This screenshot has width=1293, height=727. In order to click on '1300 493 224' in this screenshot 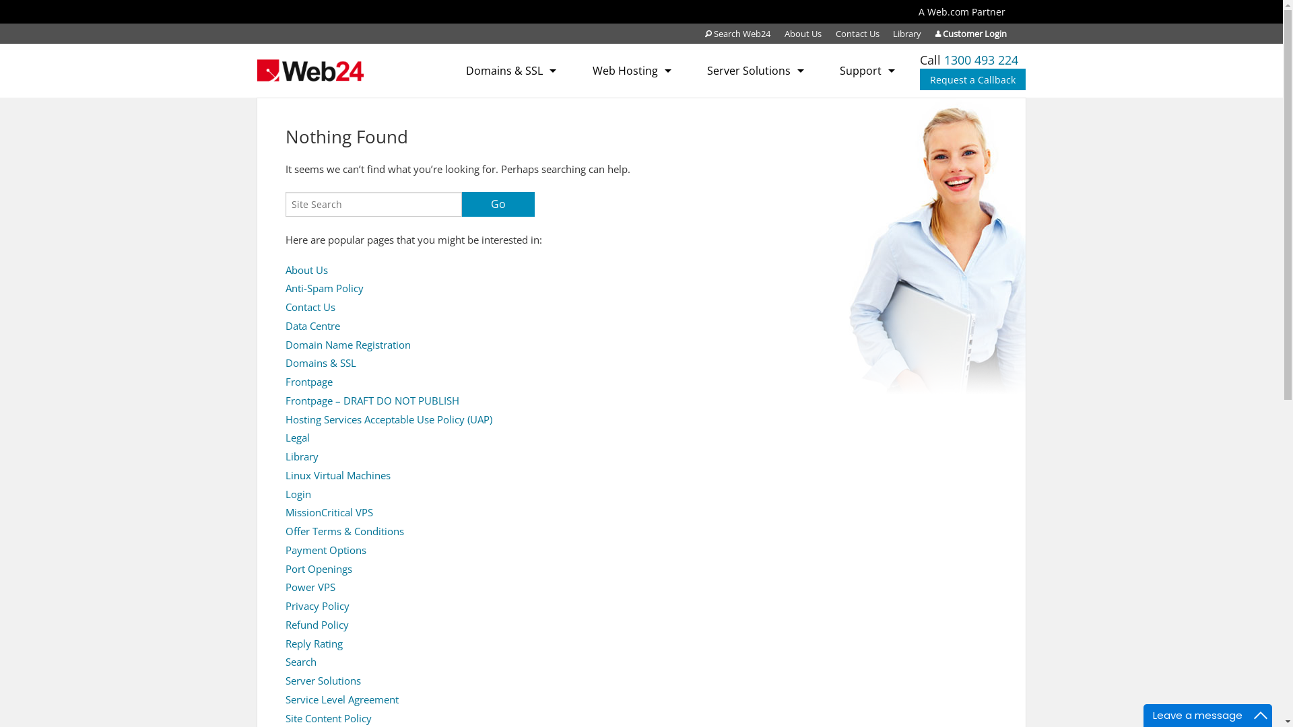, I will do `click(981, 59)`.